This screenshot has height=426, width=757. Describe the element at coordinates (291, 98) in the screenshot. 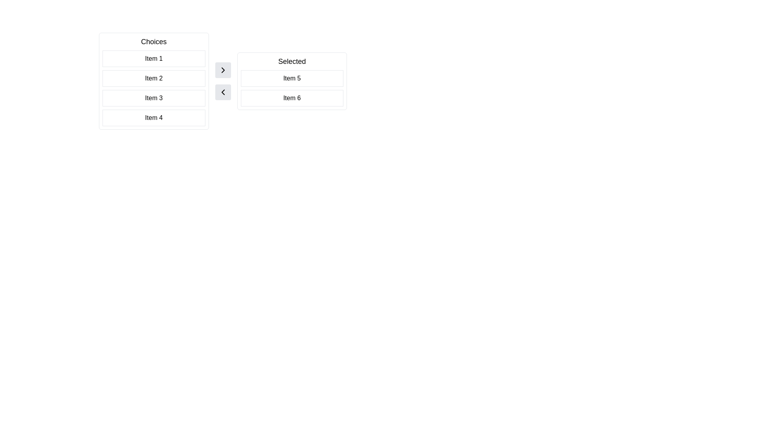

I see `the static display box labeled 'Item 6' located in the 'Selected' section, which has a white background and contains dark text centered within it` at that location.